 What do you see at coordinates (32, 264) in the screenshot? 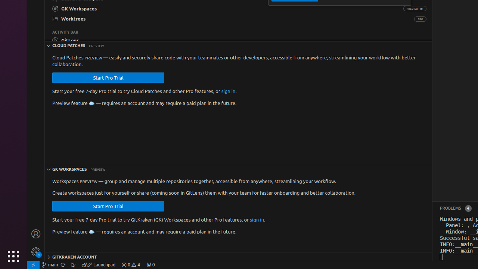
I see `'remote'` at bounding box center [32, 264].